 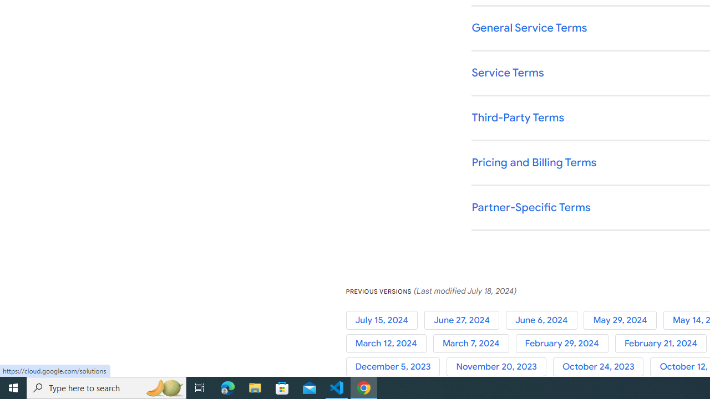 What do you see at coordinates (464, 320) in the screenshot?
I see `'June 27, 2024'` at bounding box center [464, 320].